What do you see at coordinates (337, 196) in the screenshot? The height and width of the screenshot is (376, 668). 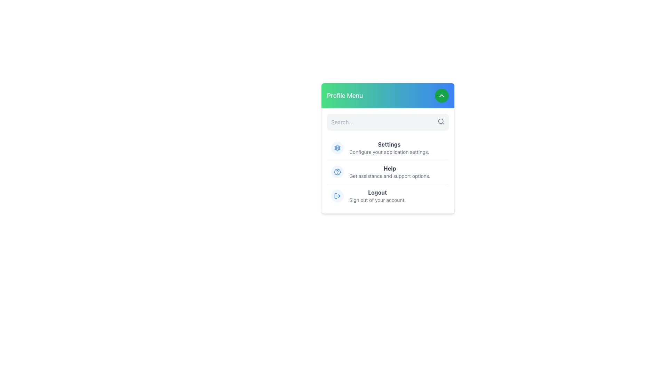 I see `the logout icon, which is a small circular component with a white background and a light blue border, located directly to the left of the 'Logout' label in the dropdown menu` at bounding box center [337, 196].